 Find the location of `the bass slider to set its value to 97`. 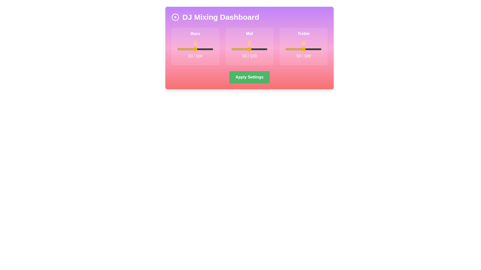

the bass slider to set its value to 97 is located at coordinates (212, 49).